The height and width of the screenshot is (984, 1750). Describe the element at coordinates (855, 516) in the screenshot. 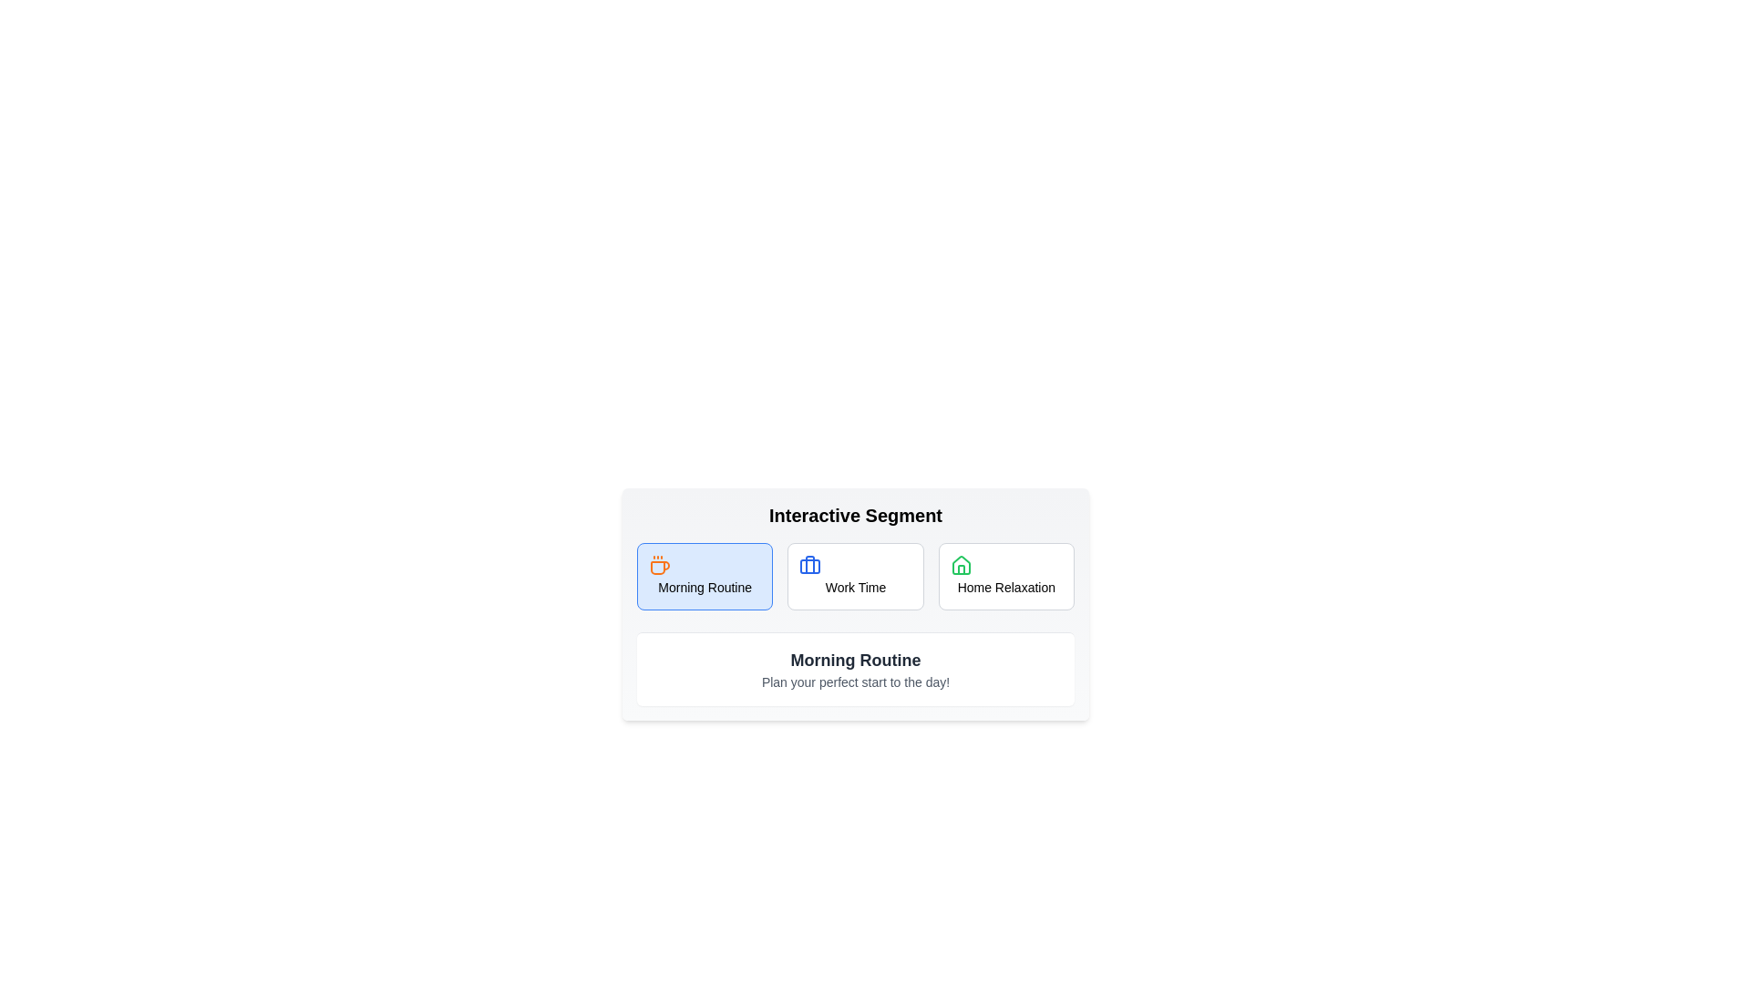

I see `the prominent title text label reading 'Interactive Segment', which is styled in bold and larger font, centered above the interactive boxes` at that location.